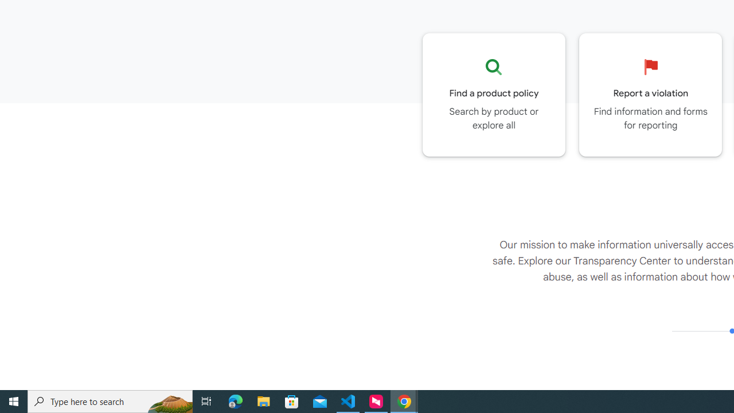  Describe the element at coordinates (650, 94) in the screenshot. I see `'Go to the Reporting and appeals page'` at that location.